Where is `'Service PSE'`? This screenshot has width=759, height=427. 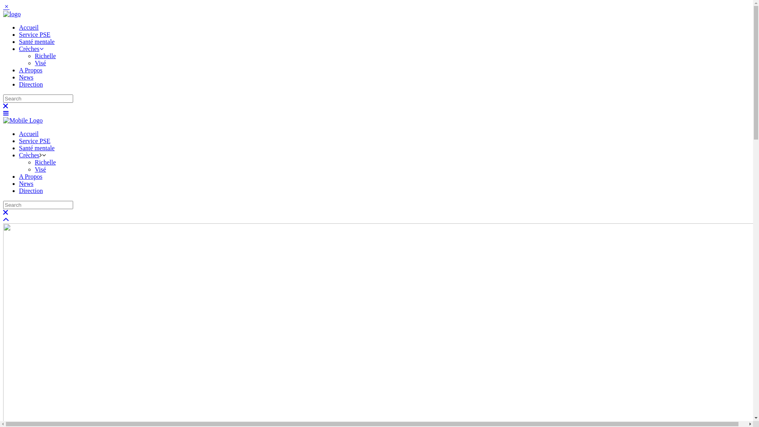 'Service PSE' is located at coordinates (34, 34).